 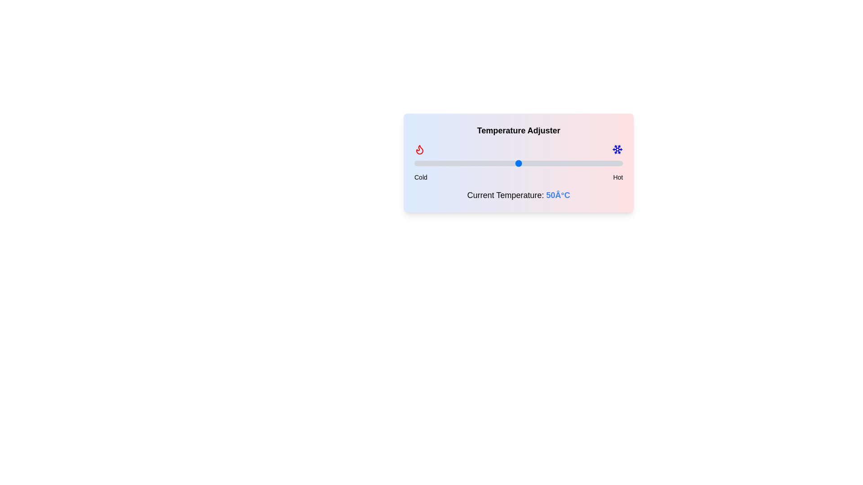 I want to click on the temperature slider to 9°C, so click(x=433, y=163).